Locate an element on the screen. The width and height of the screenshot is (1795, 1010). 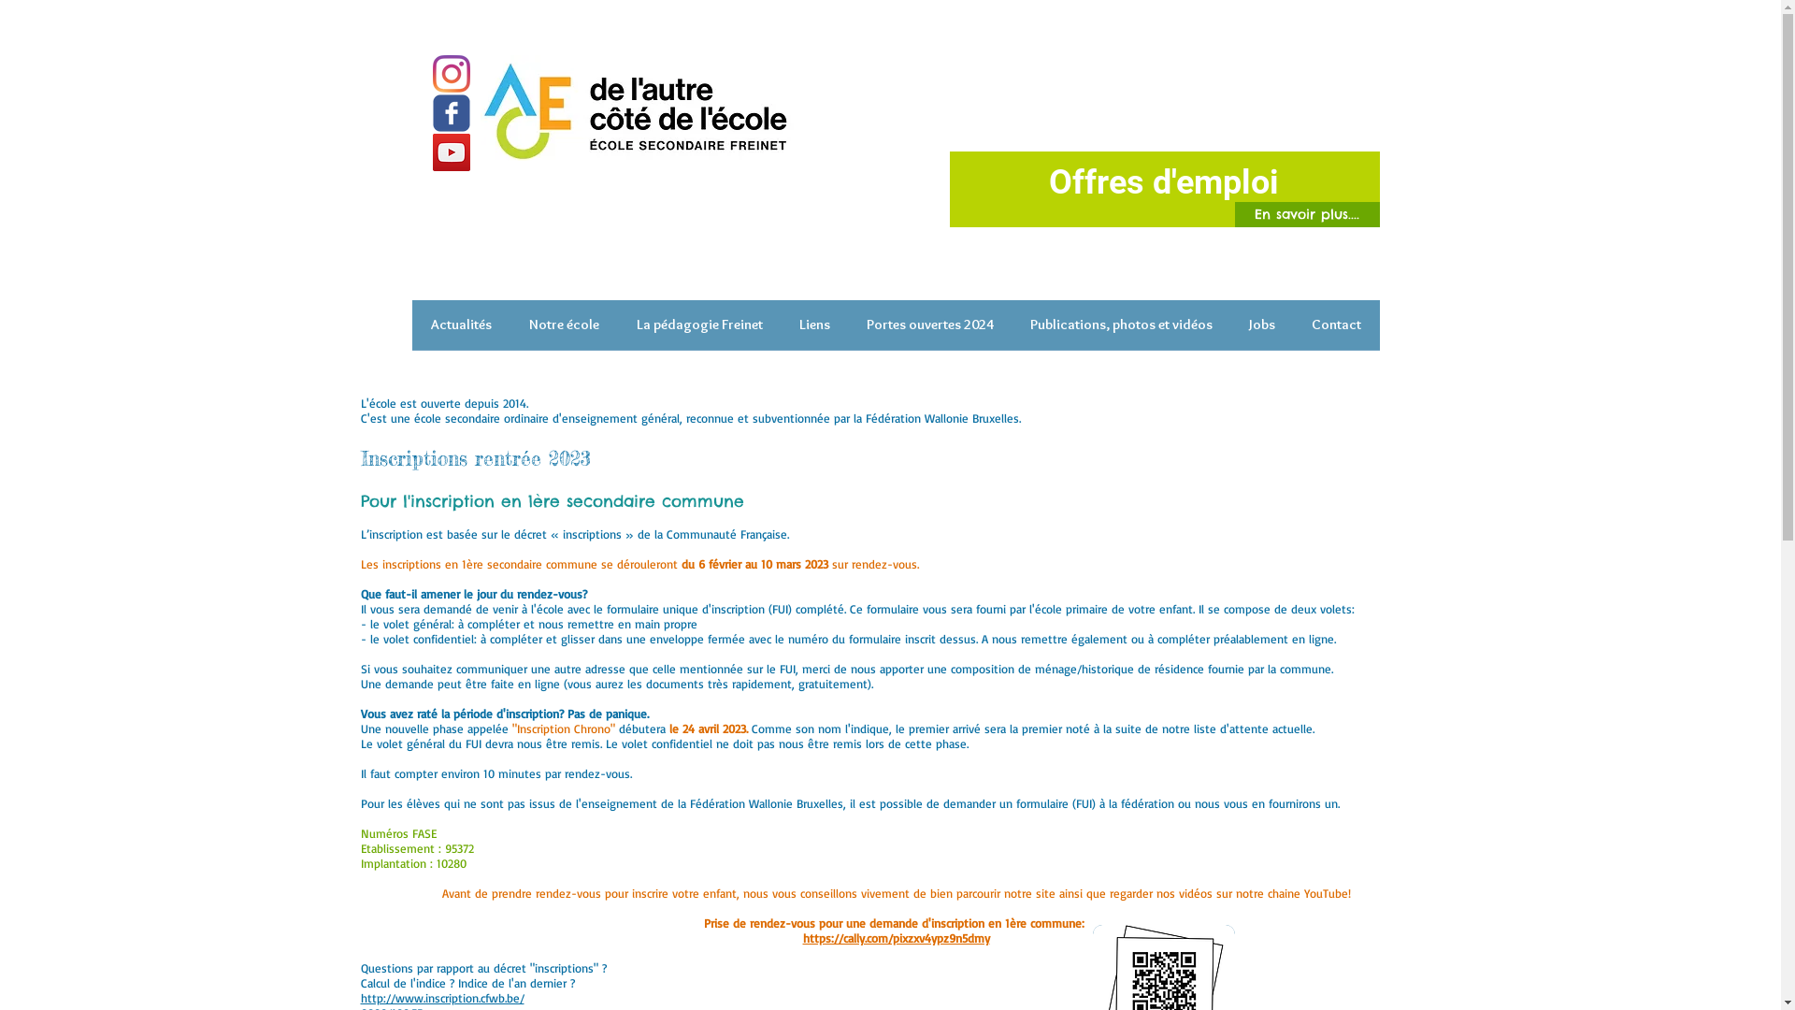
'En savoir plus....' is located at coordinates (1305, 213).